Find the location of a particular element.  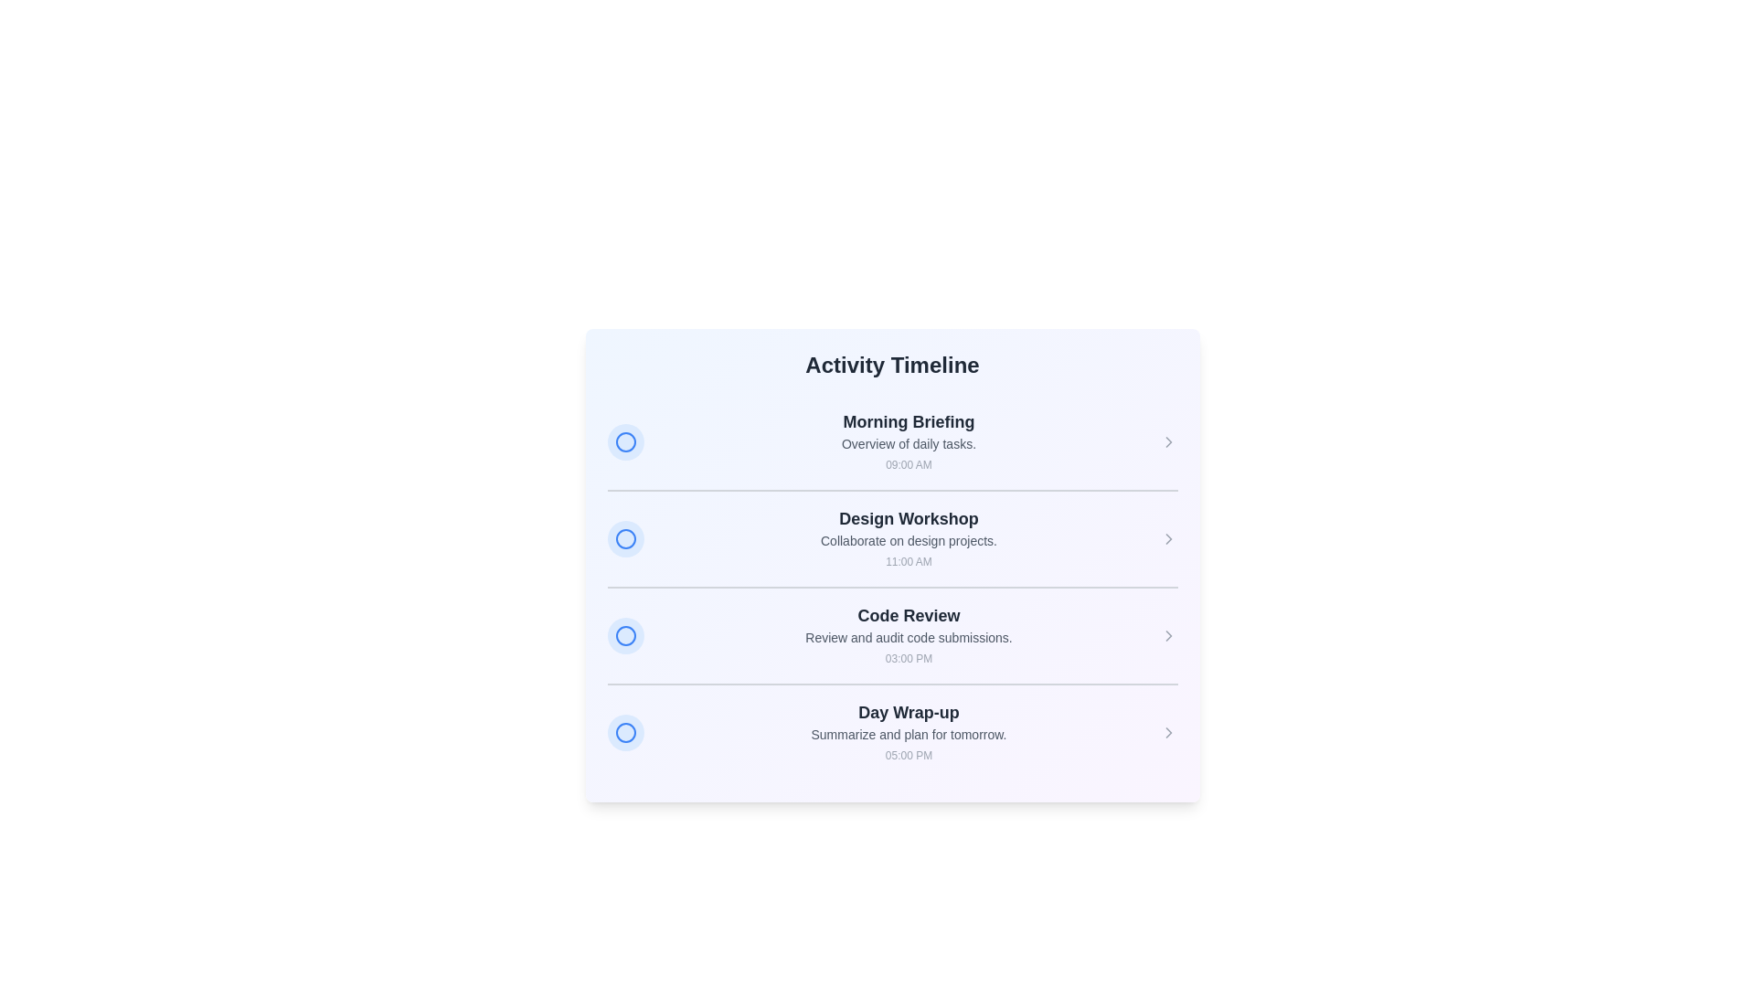

the SVG circle element with a blue stroke, which is part of the 'lucide-circle text-blue-500 w-6 h-6' icon, located in the 'Activity Timeline' list is located at coordinates (625, 732).